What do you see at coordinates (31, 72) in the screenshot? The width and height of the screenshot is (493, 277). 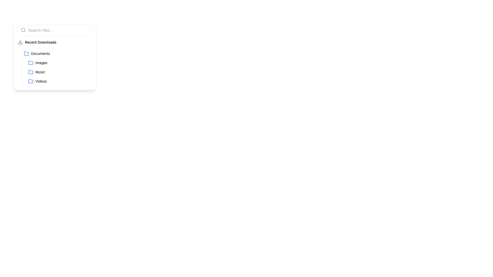 I see `the folder icon representing the 'Music' directory, which is the third icon in a vertical list of folder icons, located below the 'Images' folder icon and above the 'Videos' folder icon` at bounding box center [31, 72].